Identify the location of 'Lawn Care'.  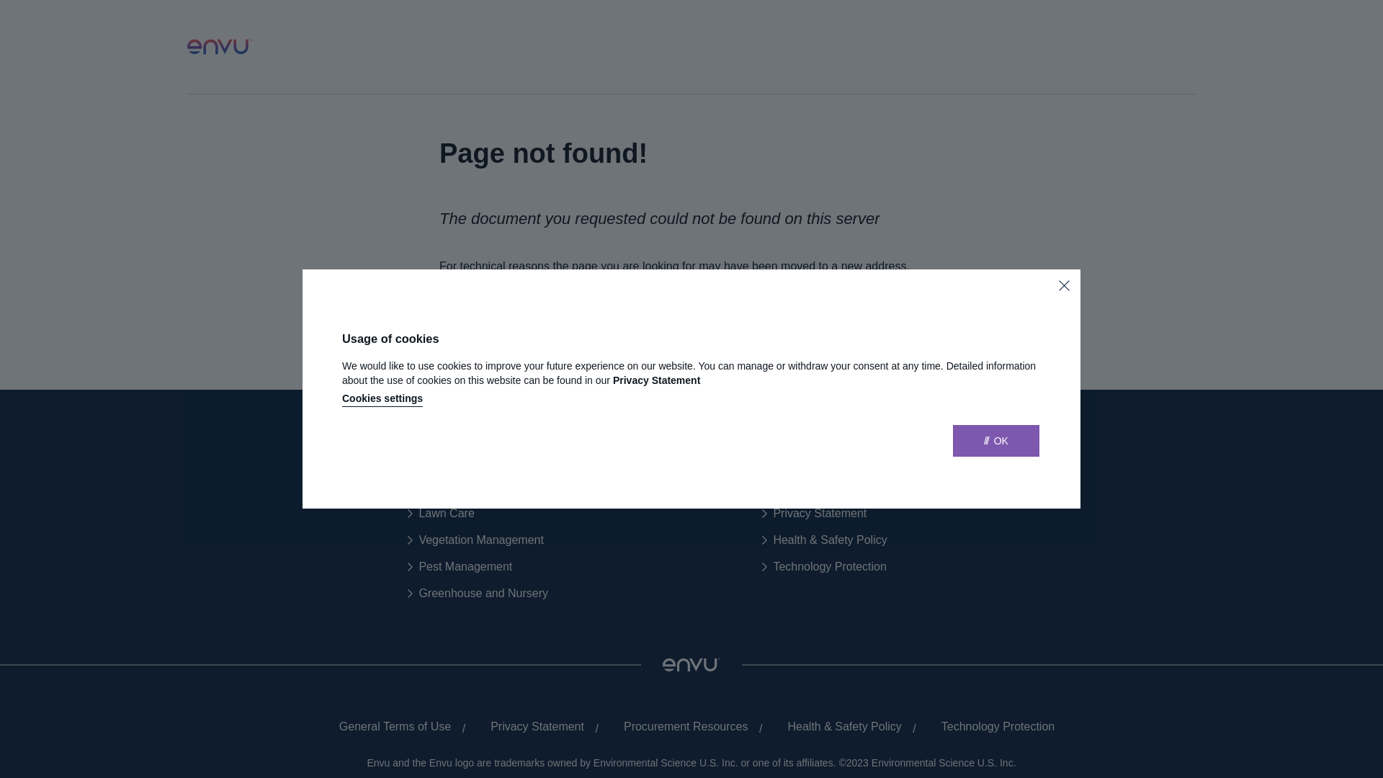
(439, 513).